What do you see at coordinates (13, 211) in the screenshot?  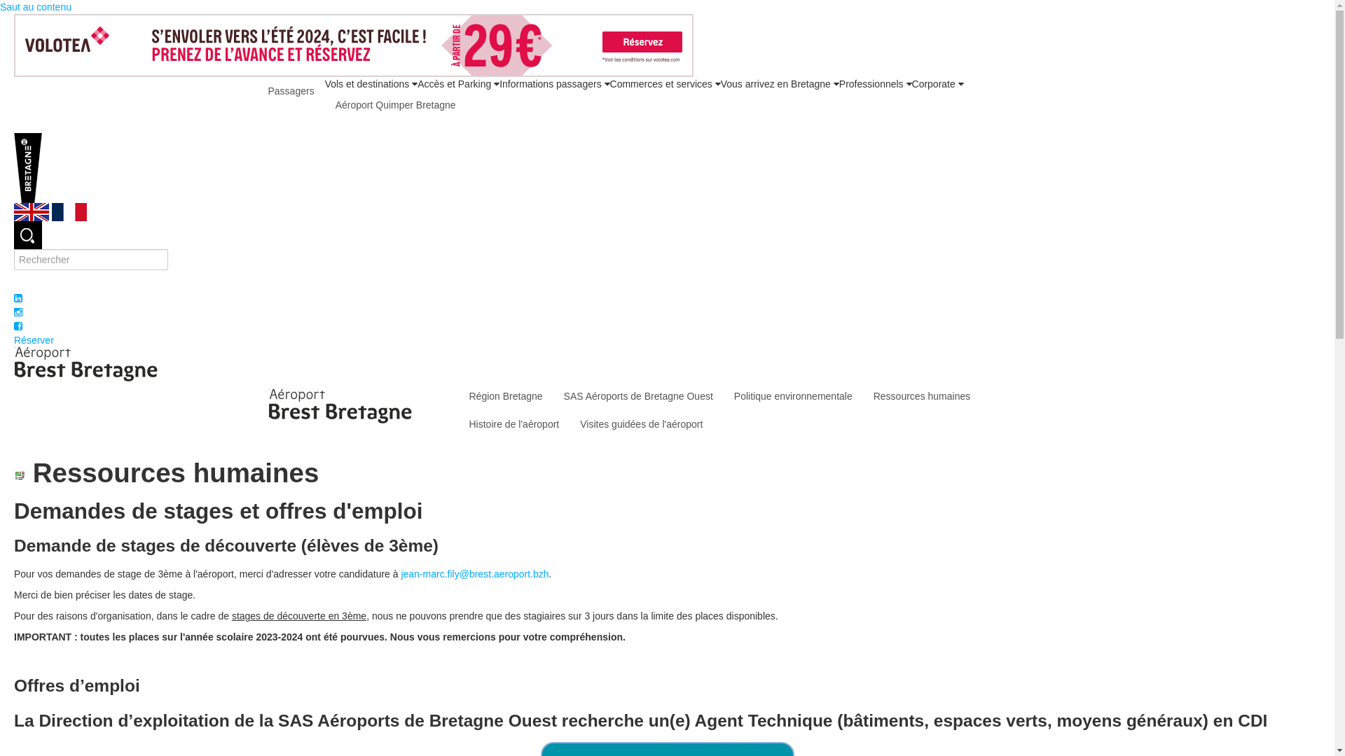 I see `'English'` at bounding box center [13, 211].